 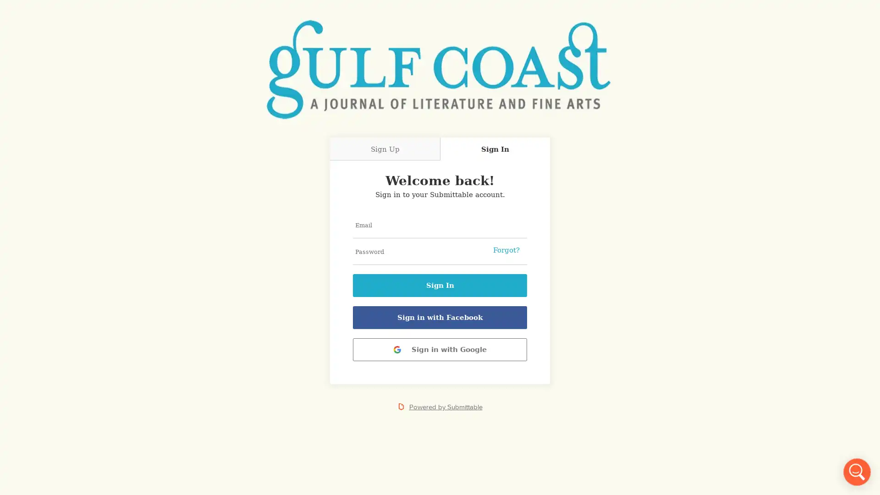 What do you see at coordinates (440, 317) in the screenshot?
I see `Sign in with Facebook` at bounding box center [440, 317].